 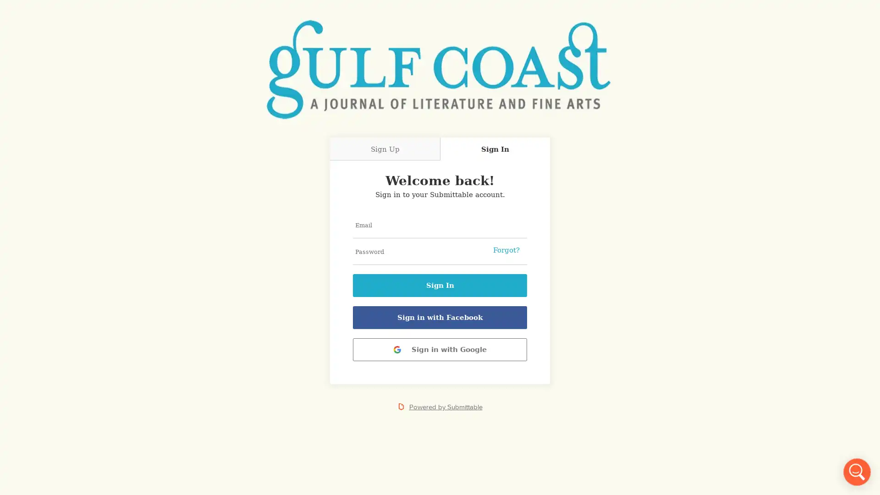 What do you see at coordinates (440, 317) in the screenshot?
I see `Sign in with Facebook` at bounding box center [440, 317].